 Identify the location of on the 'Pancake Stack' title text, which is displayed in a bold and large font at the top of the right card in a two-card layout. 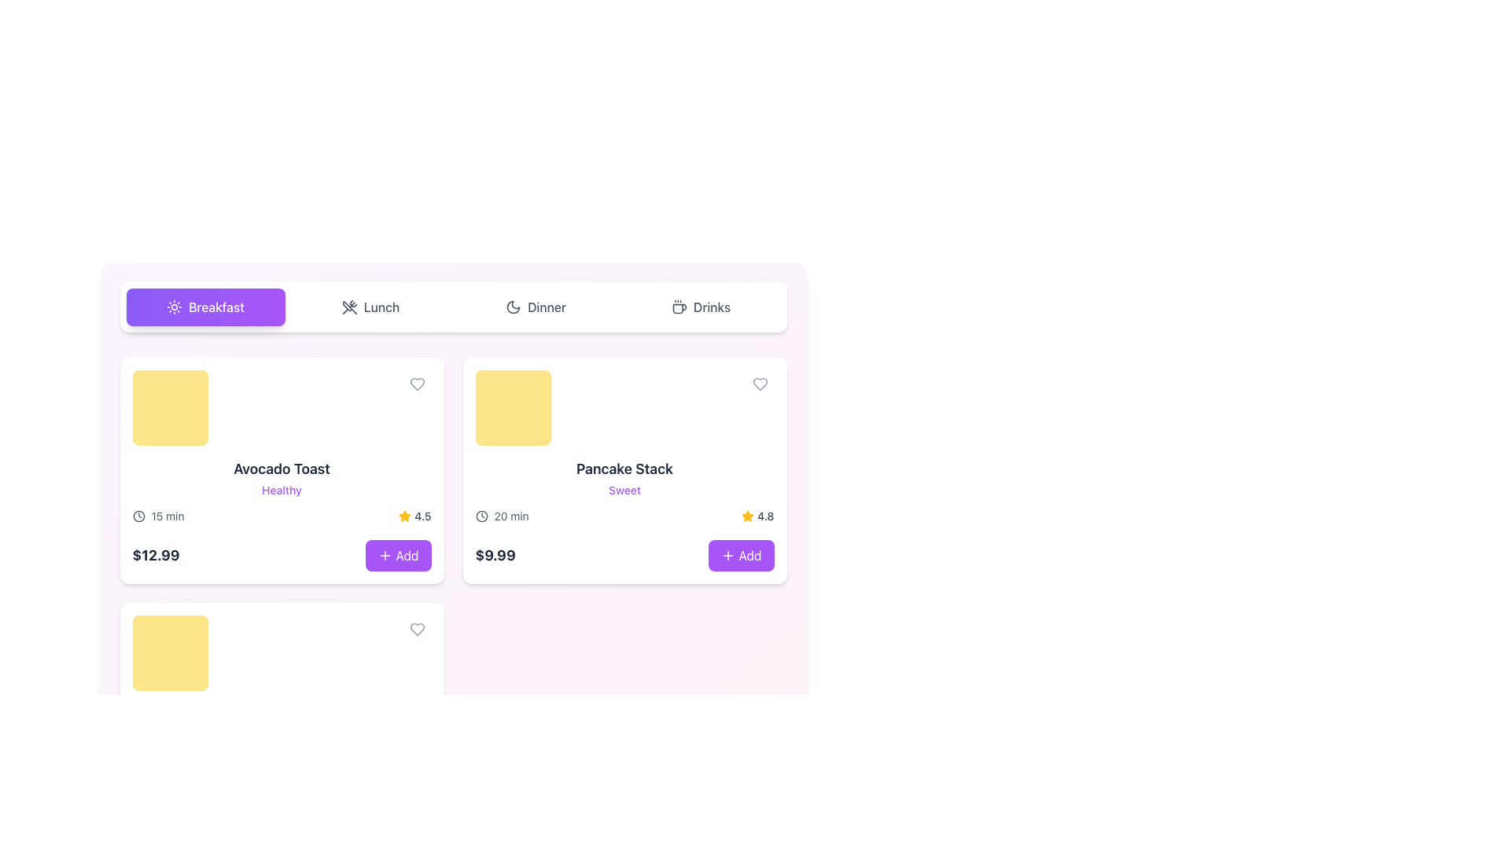
(624, 469).